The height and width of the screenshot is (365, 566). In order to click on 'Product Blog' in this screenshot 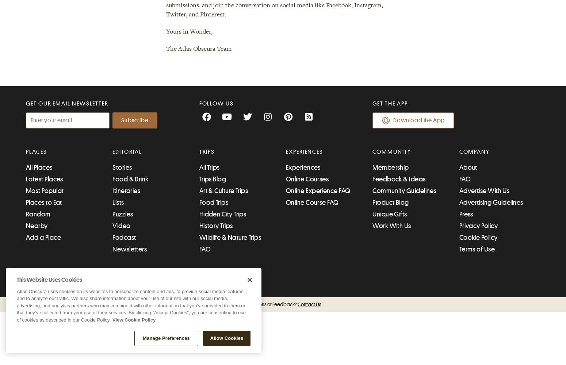, I will do `click(390, 203)`.